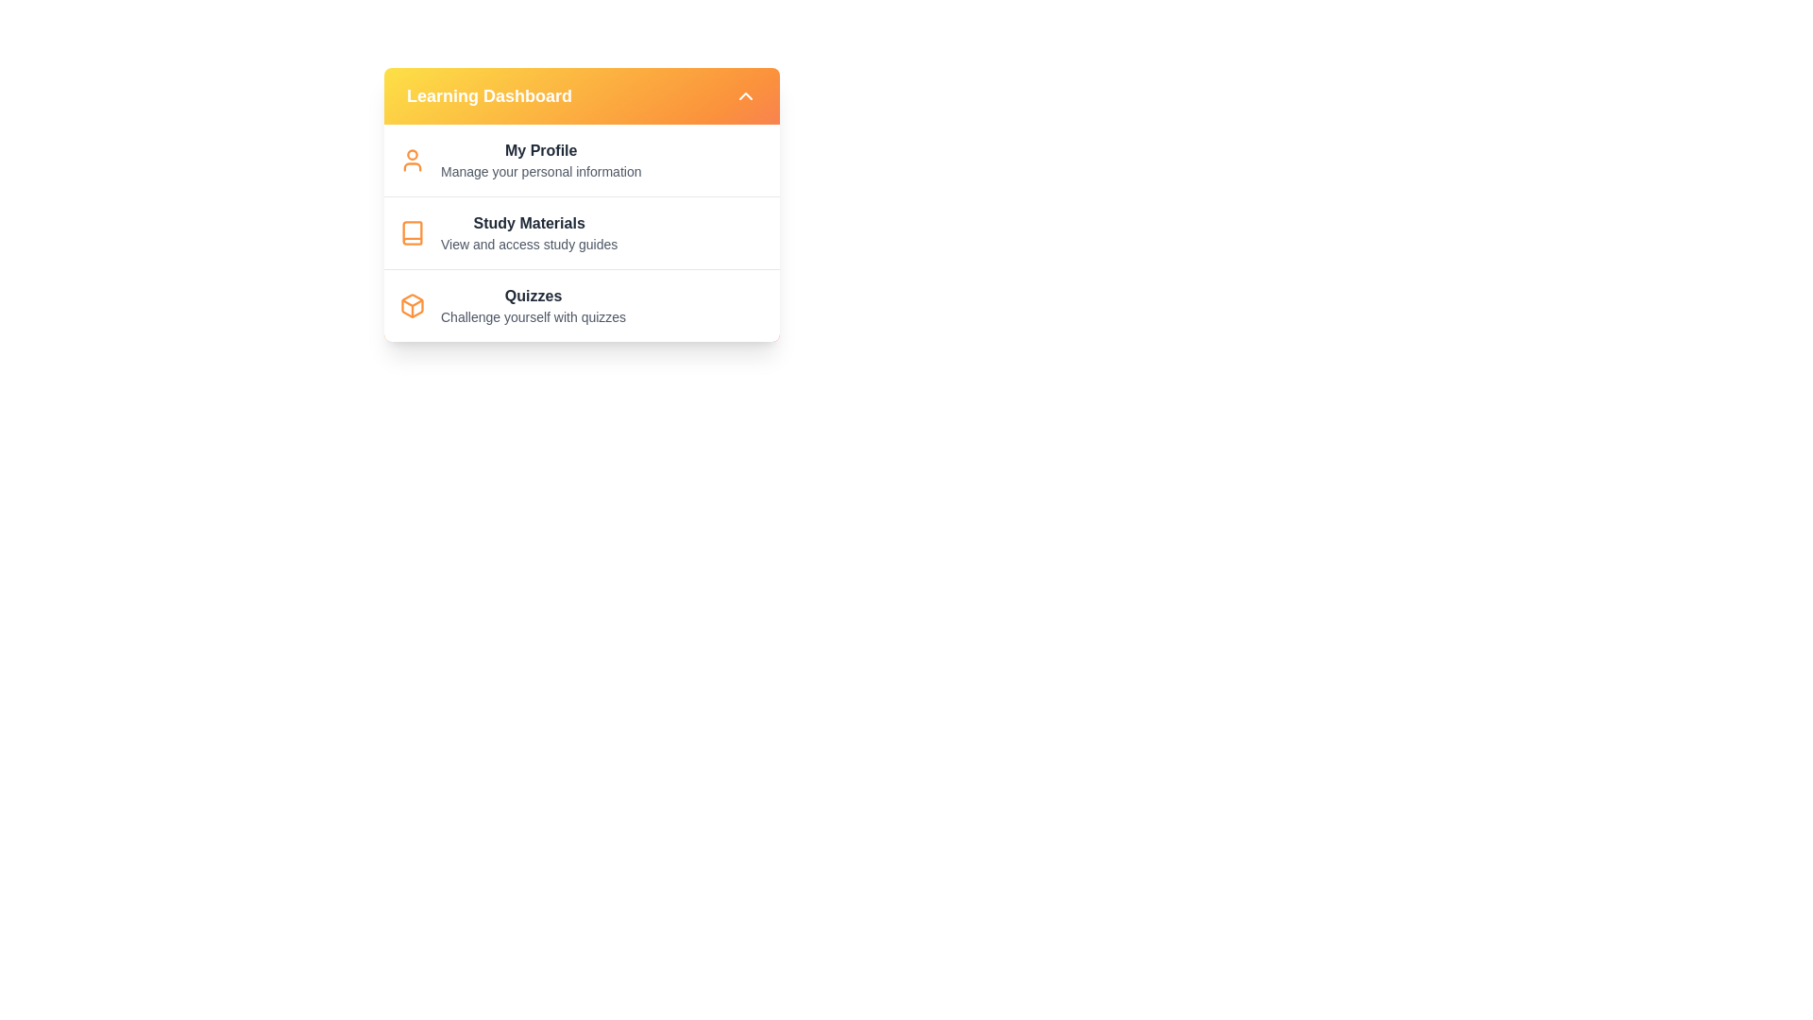  Describe the element at coordinates (745, 95) in the screenshot. I see `toggle button to toggle the visibility of the menu` at that location.